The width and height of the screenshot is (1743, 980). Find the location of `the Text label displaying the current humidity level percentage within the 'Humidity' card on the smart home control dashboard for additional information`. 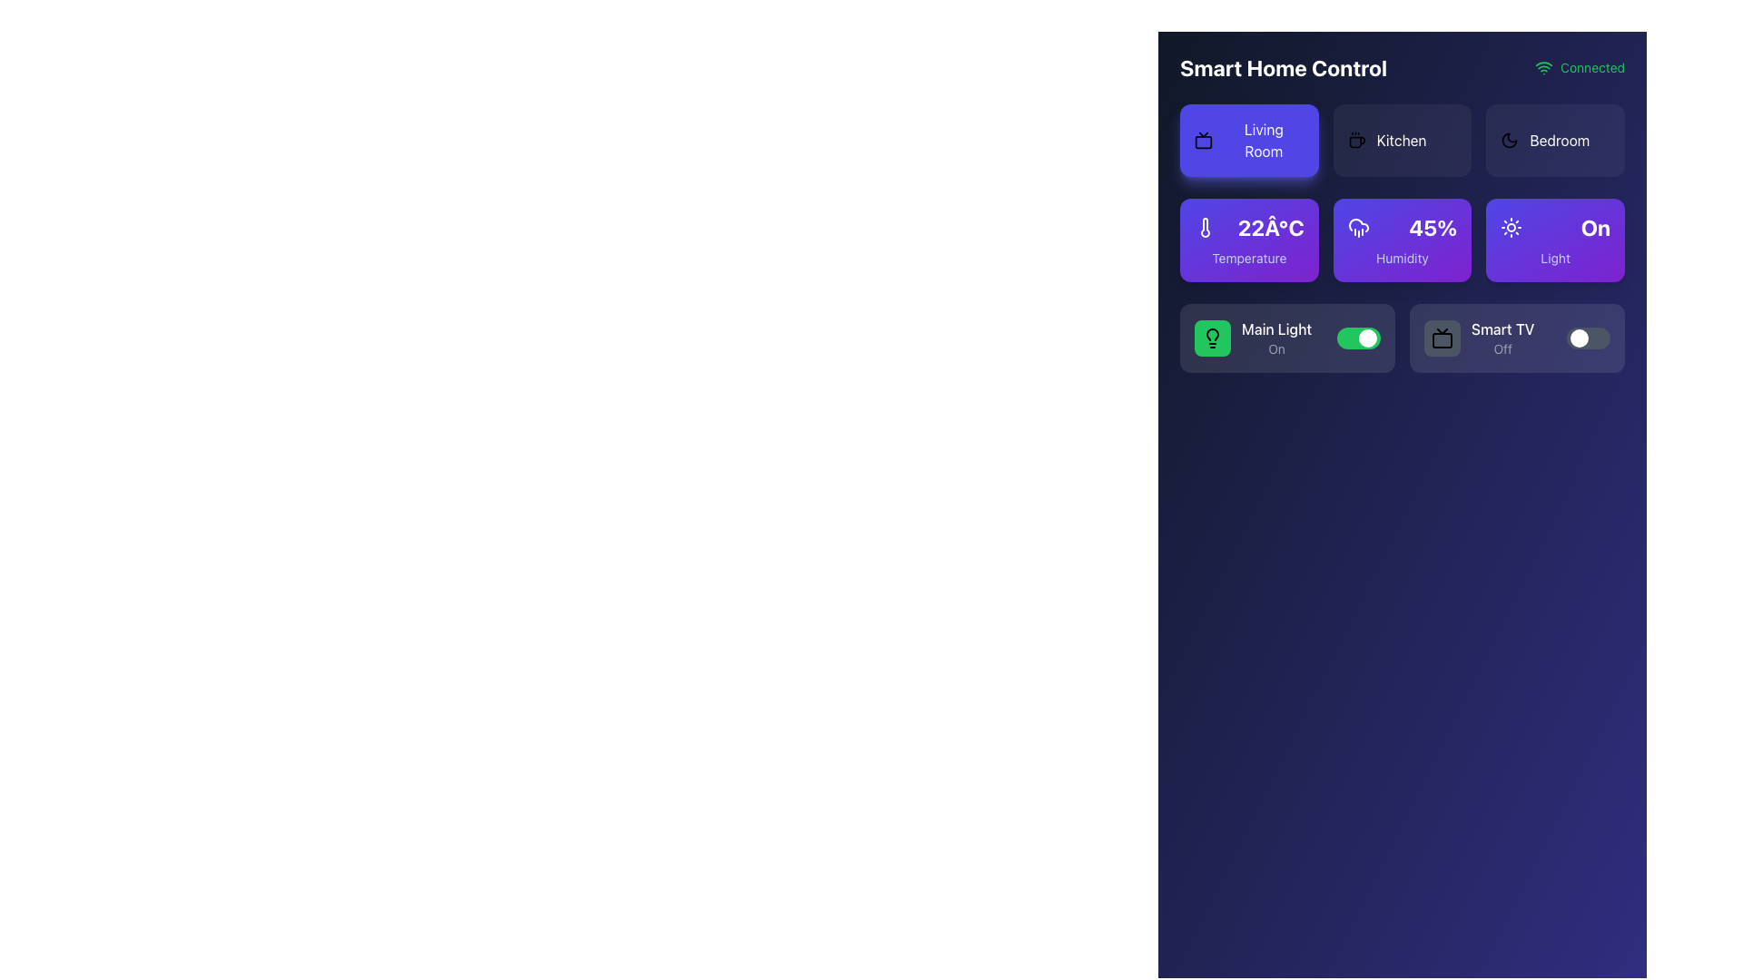

the Text label displaying the current humidity level percentage within the 'Humidity' card on the smart home control dashboard for additional information is located at coordinates (1432, 226).